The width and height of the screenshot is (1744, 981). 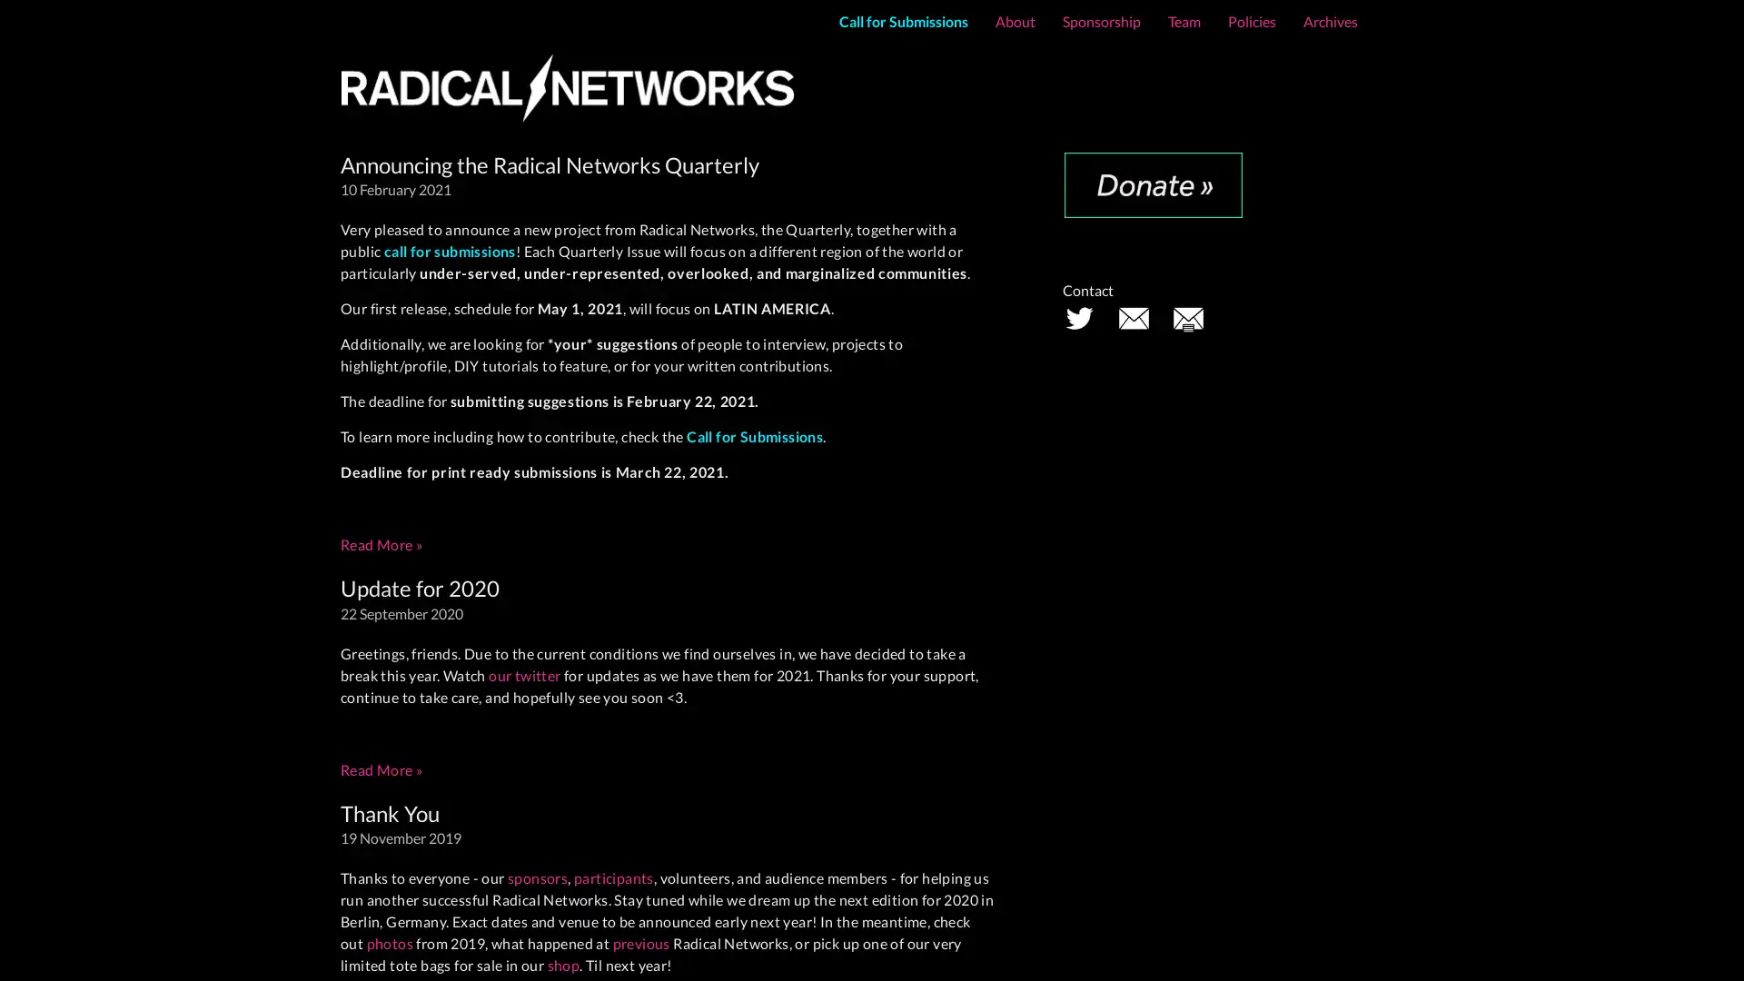 I want to click on Donate with PayPal button, so click(x=1153, y=185).